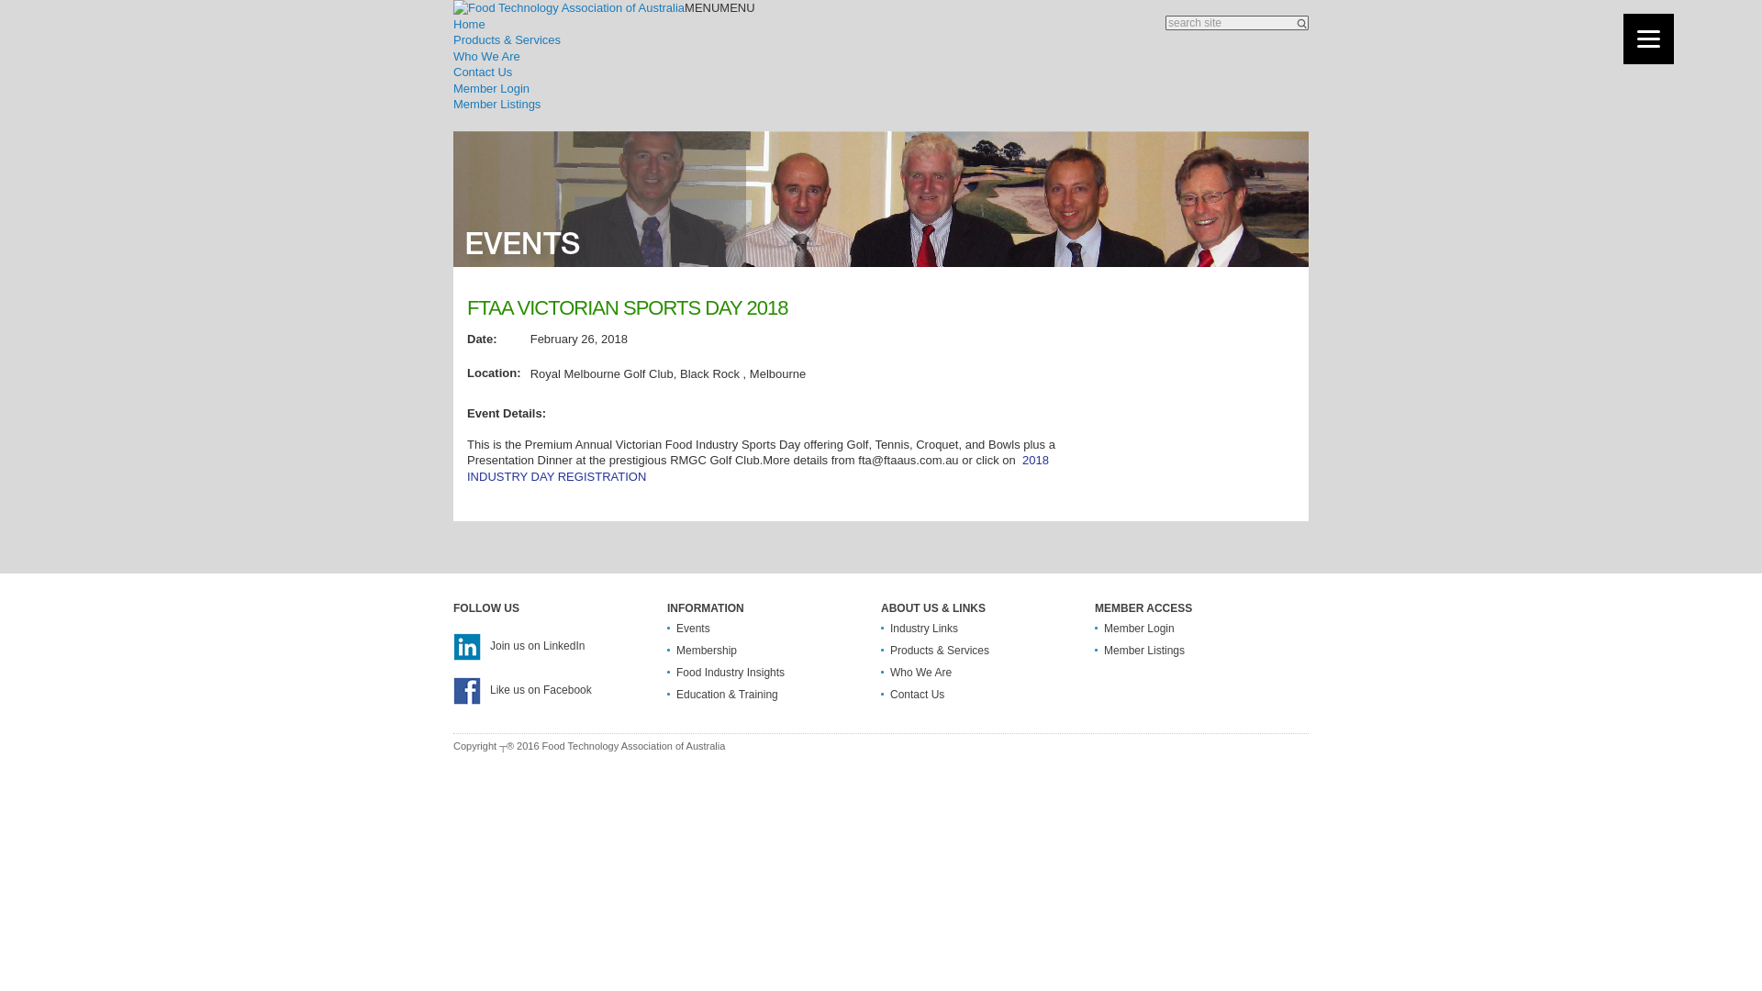 The height and width of the screenshot is (991, 1762). What do you see at coordinates (521, 690) in the screenshot?
I see `'Like us on Facebook'` at bounding box center [521, 690].